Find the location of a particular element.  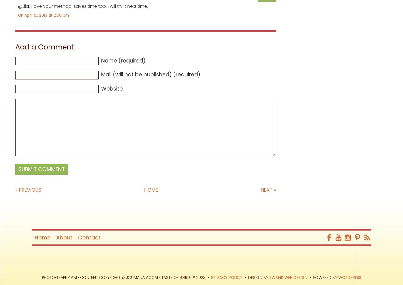

'Powered by' is located at coordinates (325, 277).